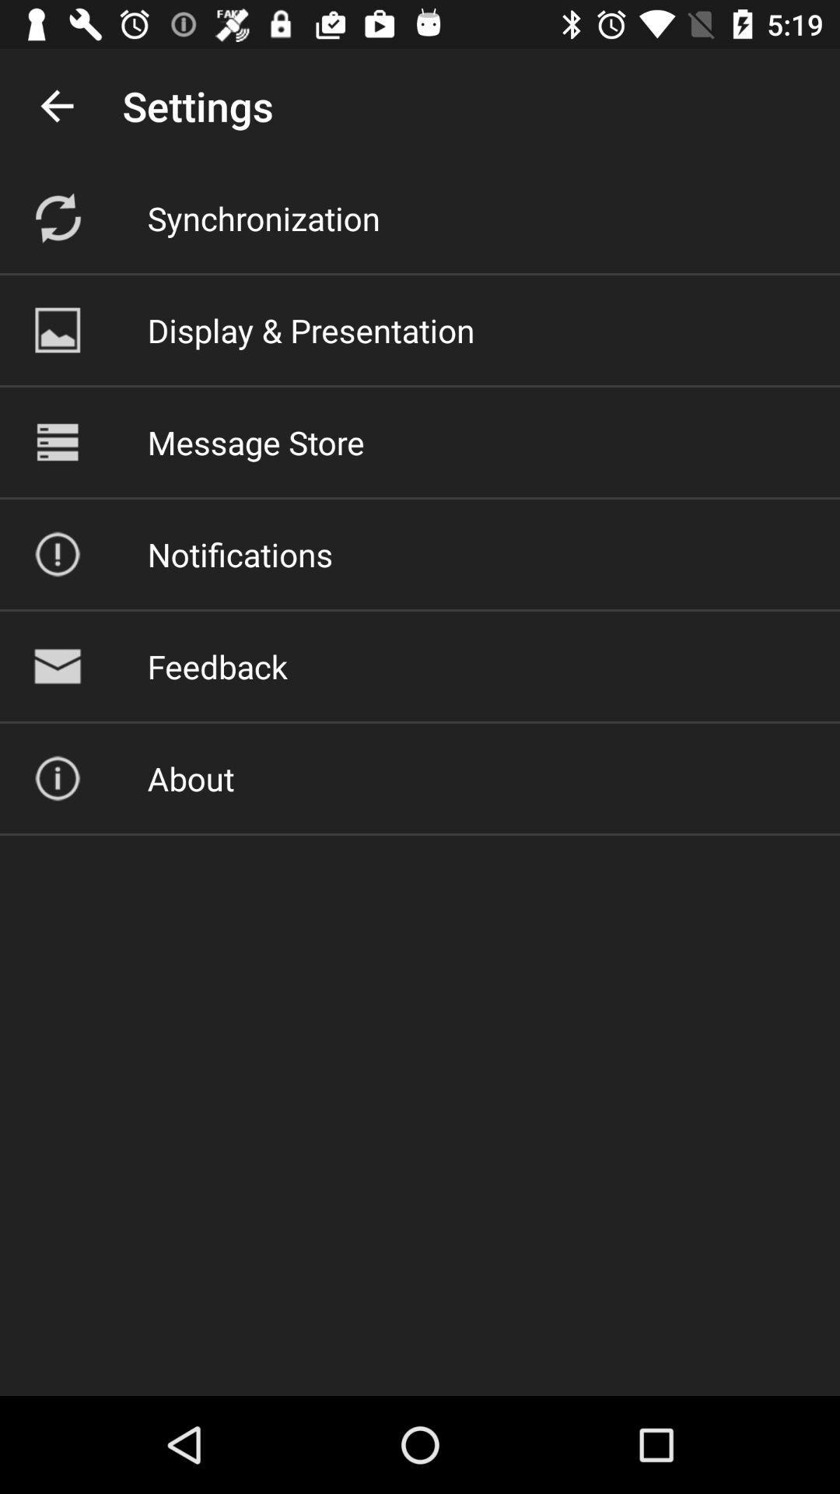 This screenshot has width=840, height=1494. Describe the element at coordinates (190, 778) in the screenshot. I see `the about item` at that location.